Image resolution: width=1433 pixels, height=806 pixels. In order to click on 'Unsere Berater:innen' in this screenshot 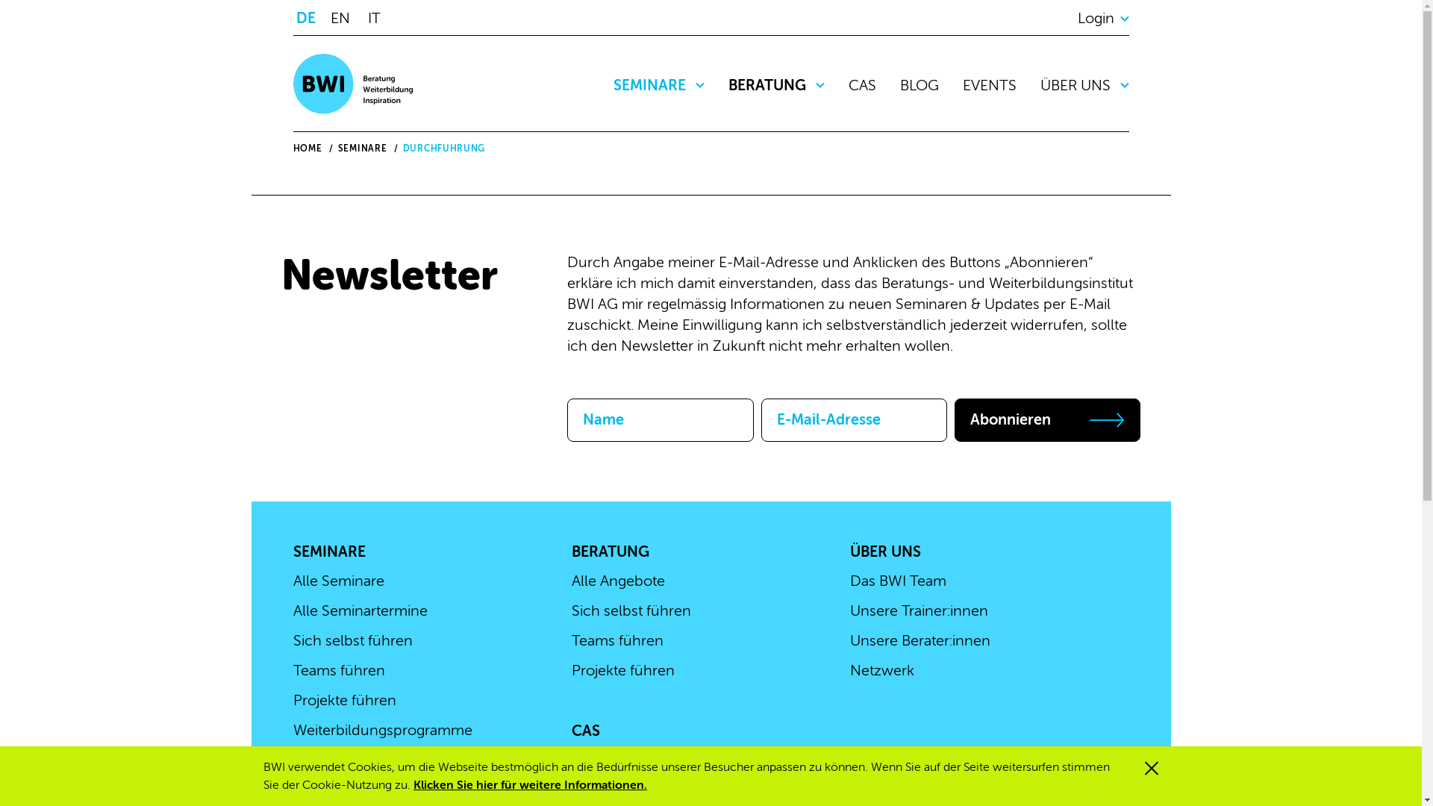, I will do `click(920, 640)`.